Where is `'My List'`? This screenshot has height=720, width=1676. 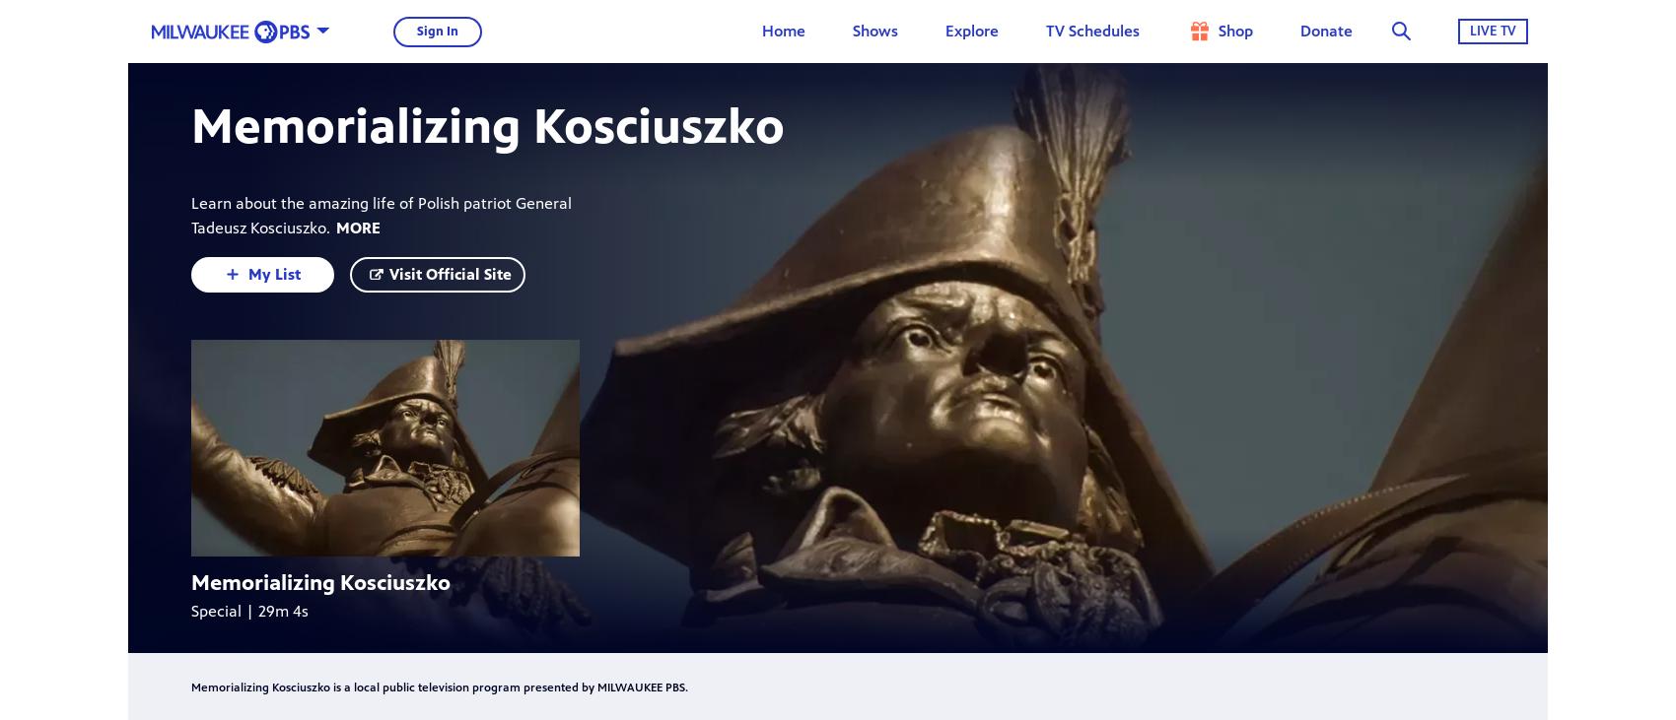 'My List' is located at coordinates (274, 272).